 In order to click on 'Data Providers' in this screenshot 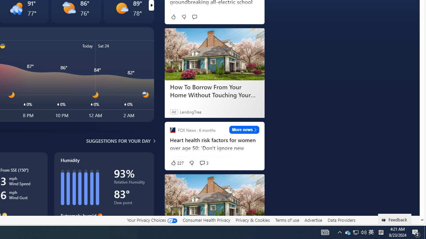, I will do `click(341, 220)`.